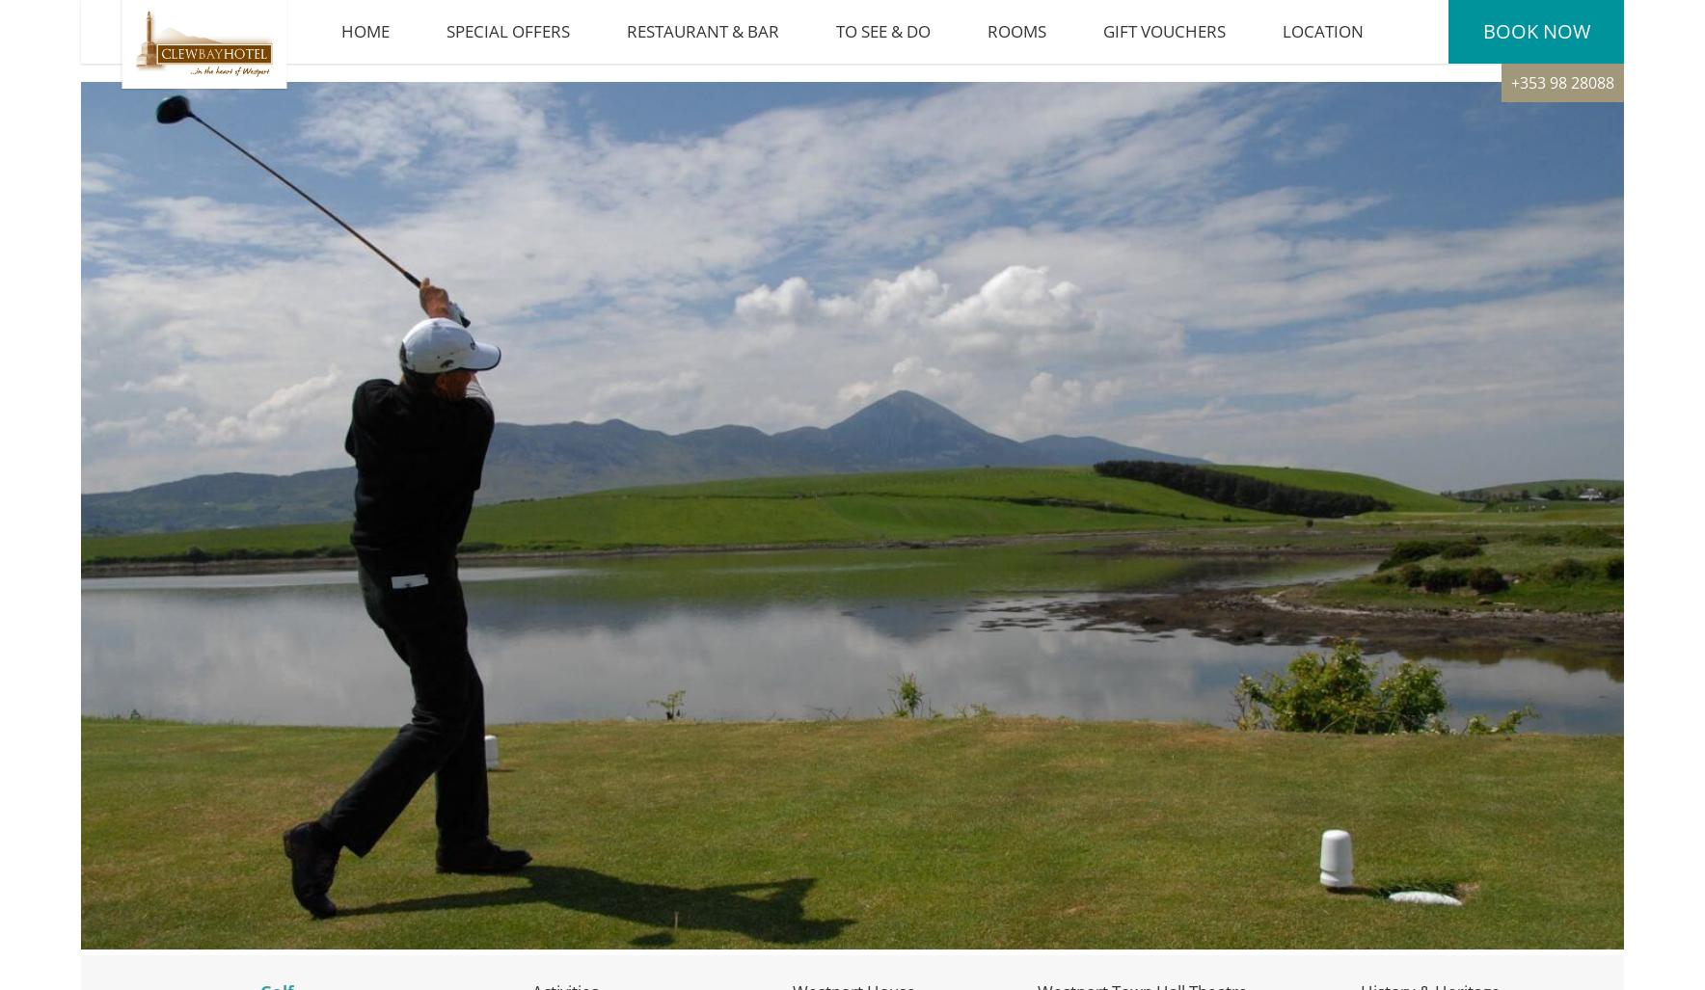 The height and width of the screenshot is (990, 1705). I want to click on 'Now', so click(1563, 40).